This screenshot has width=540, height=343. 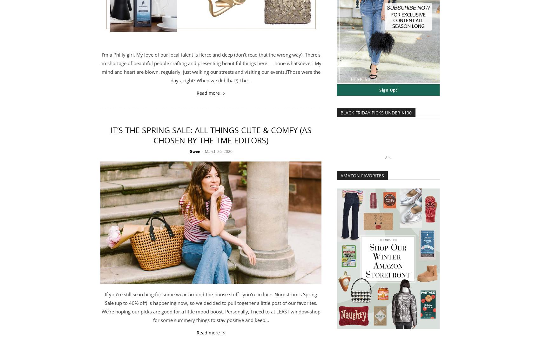 I want to click on 'If you're still searching for some wear-around-the-house stuff...you're in luck. Nordstrom's Spring Sale (up to 40% off) is happening now, so we decided to pull together a little post of our favorites. 



We're hoping our picks are good for a little mood boost. Personally, I need to at LEAST window-shop for some summery things to stay positive and keep...', so click(x=211, y=307).